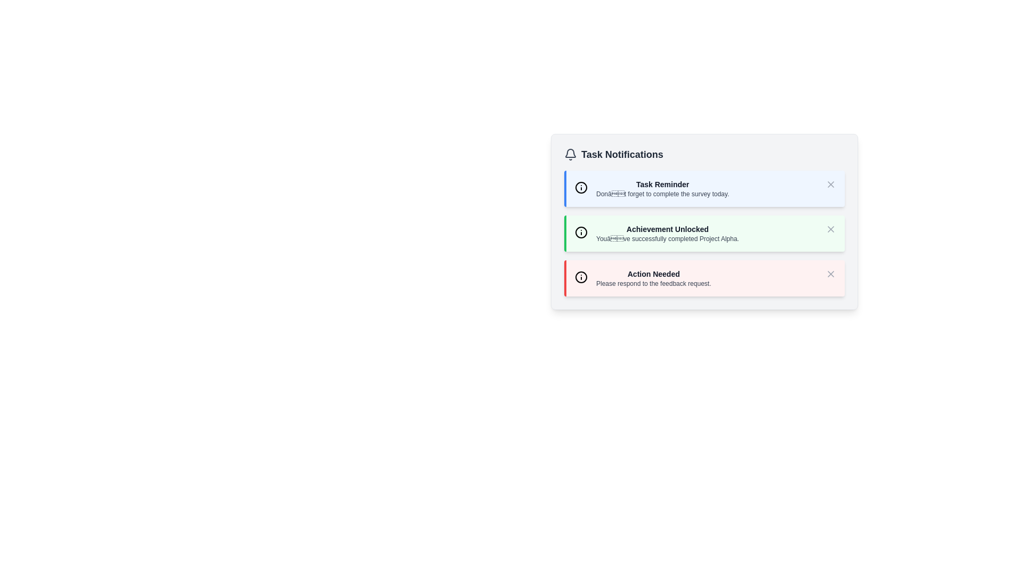  Describe the element at coordinates (653, 283) in the screenshot. I see `the informational Text Label that provides guidance related to the 'Action Needed' notification, positioned below its title` at that location.